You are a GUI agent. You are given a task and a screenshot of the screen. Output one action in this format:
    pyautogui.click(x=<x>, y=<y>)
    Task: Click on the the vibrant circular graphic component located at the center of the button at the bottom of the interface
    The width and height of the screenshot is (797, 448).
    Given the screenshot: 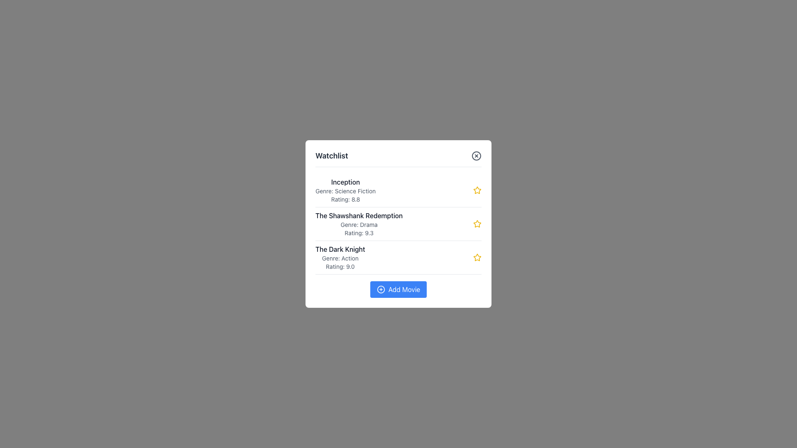 What is the action you would take?
    pyautogui.click(x=380, y=289)
    